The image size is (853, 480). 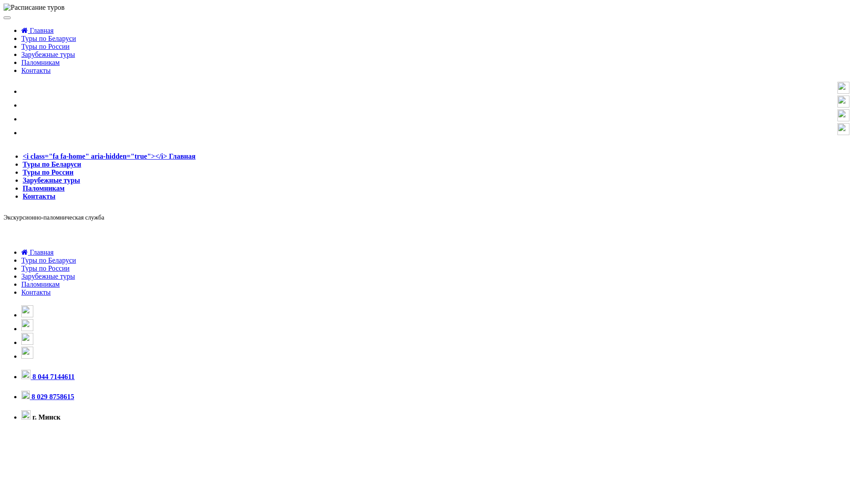 I want to click on ' 8 044 7144611', so click(x=47, y=376).